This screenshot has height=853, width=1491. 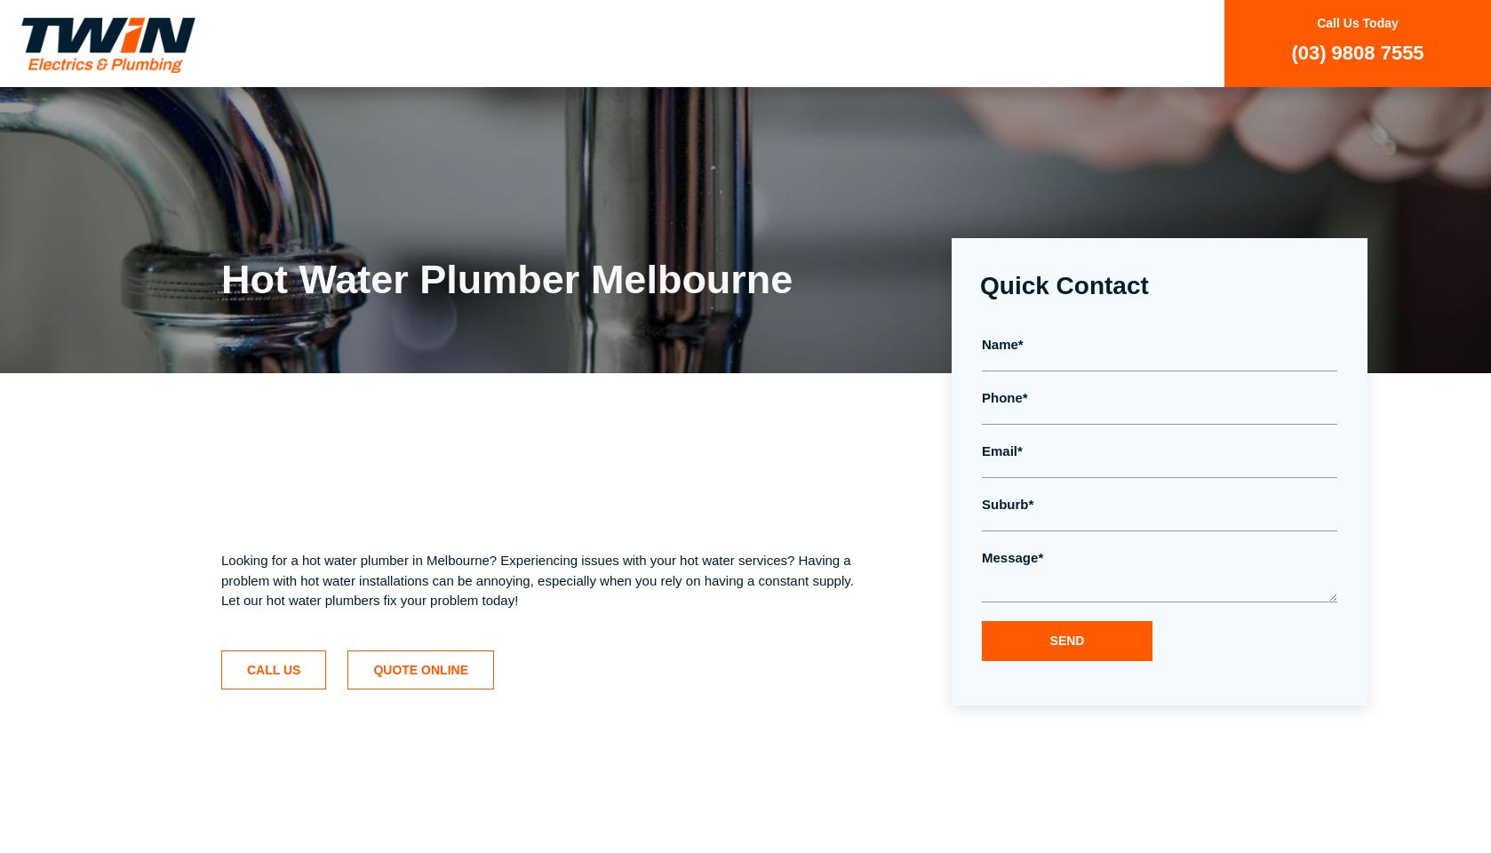 I want to click on 'Quick Contact', so click(x=1064, y=285).